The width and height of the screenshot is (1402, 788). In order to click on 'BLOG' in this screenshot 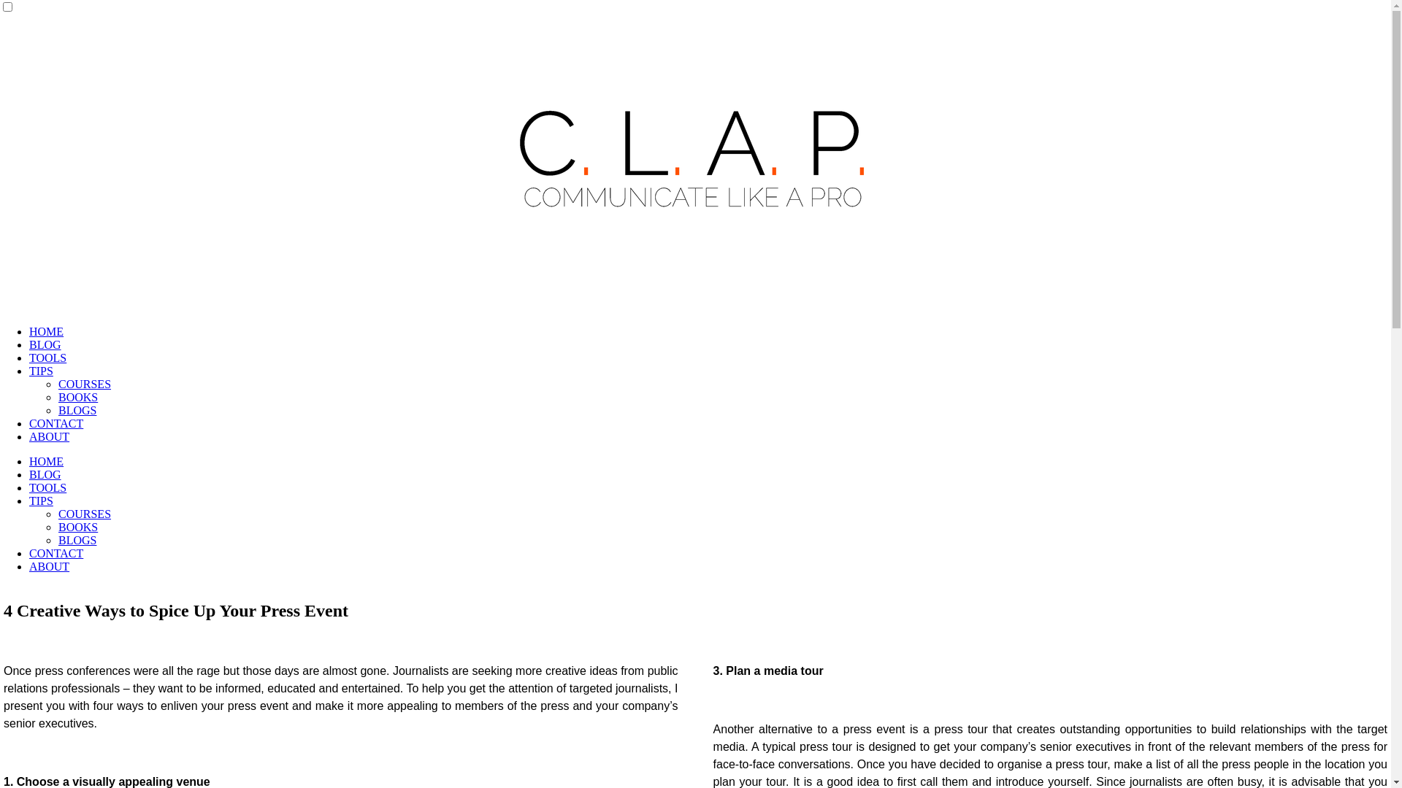, I will do `click(45, 344)`.